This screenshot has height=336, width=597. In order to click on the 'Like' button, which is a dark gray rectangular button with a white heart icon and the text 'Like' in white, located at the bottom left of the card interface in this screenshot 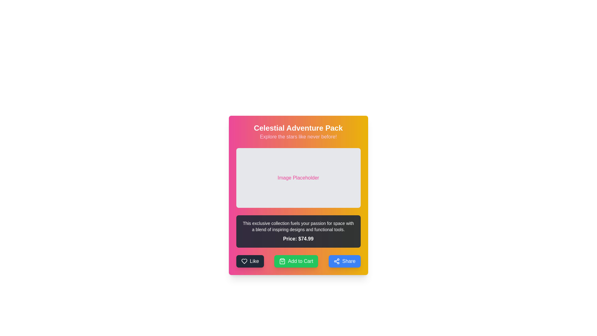, I will do `click(250, 261)`.